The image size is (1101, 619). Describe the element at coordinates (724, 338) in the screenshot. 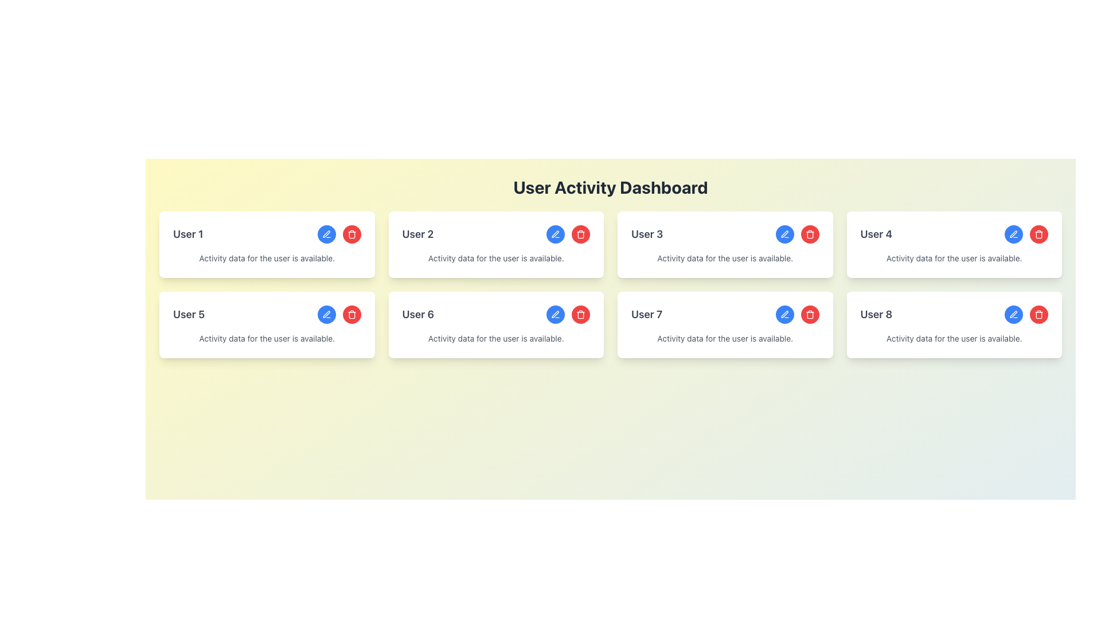

I see `information displayed in the text label that indicates the availability of user activity data for 'User 7', located in the bottom half of the card in the second row, fourth column of the grid layout` at that location.